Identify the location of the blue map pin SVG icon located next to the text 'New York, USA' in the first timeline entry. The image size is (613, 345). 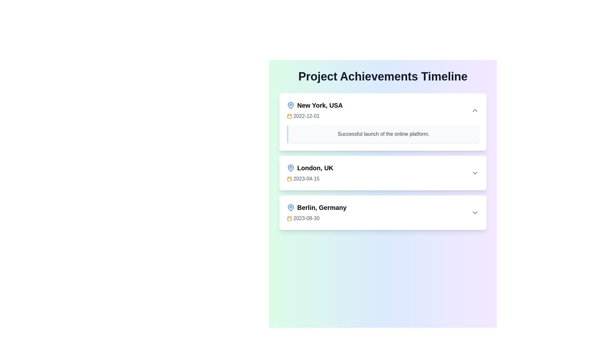
(291, 105).